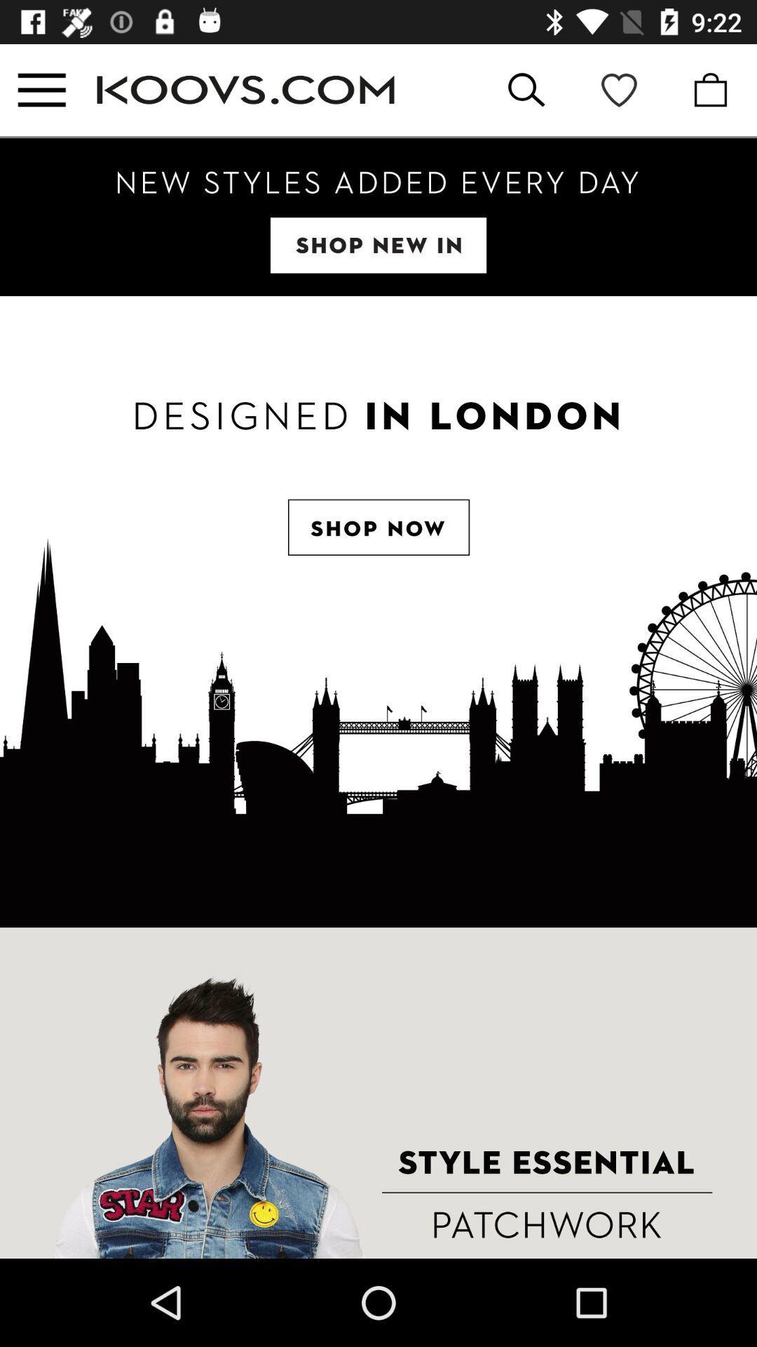  I want to click on items, so click(378, 216).